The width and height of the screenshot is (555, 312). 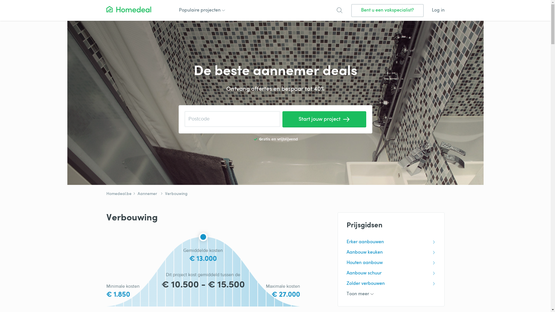 What do you see at coordinates (391, 252) in the screenshot?
I see `'Aanbouw keuken'` at bounding box center [391, 252].